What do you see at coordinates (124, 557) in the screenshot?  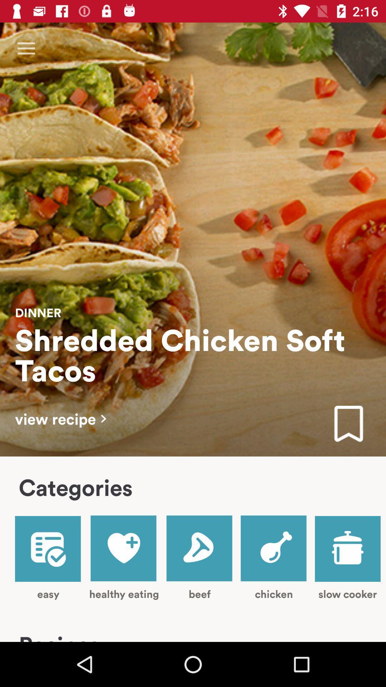 I see `healthy eating icon` at bounding box center [124, 557].